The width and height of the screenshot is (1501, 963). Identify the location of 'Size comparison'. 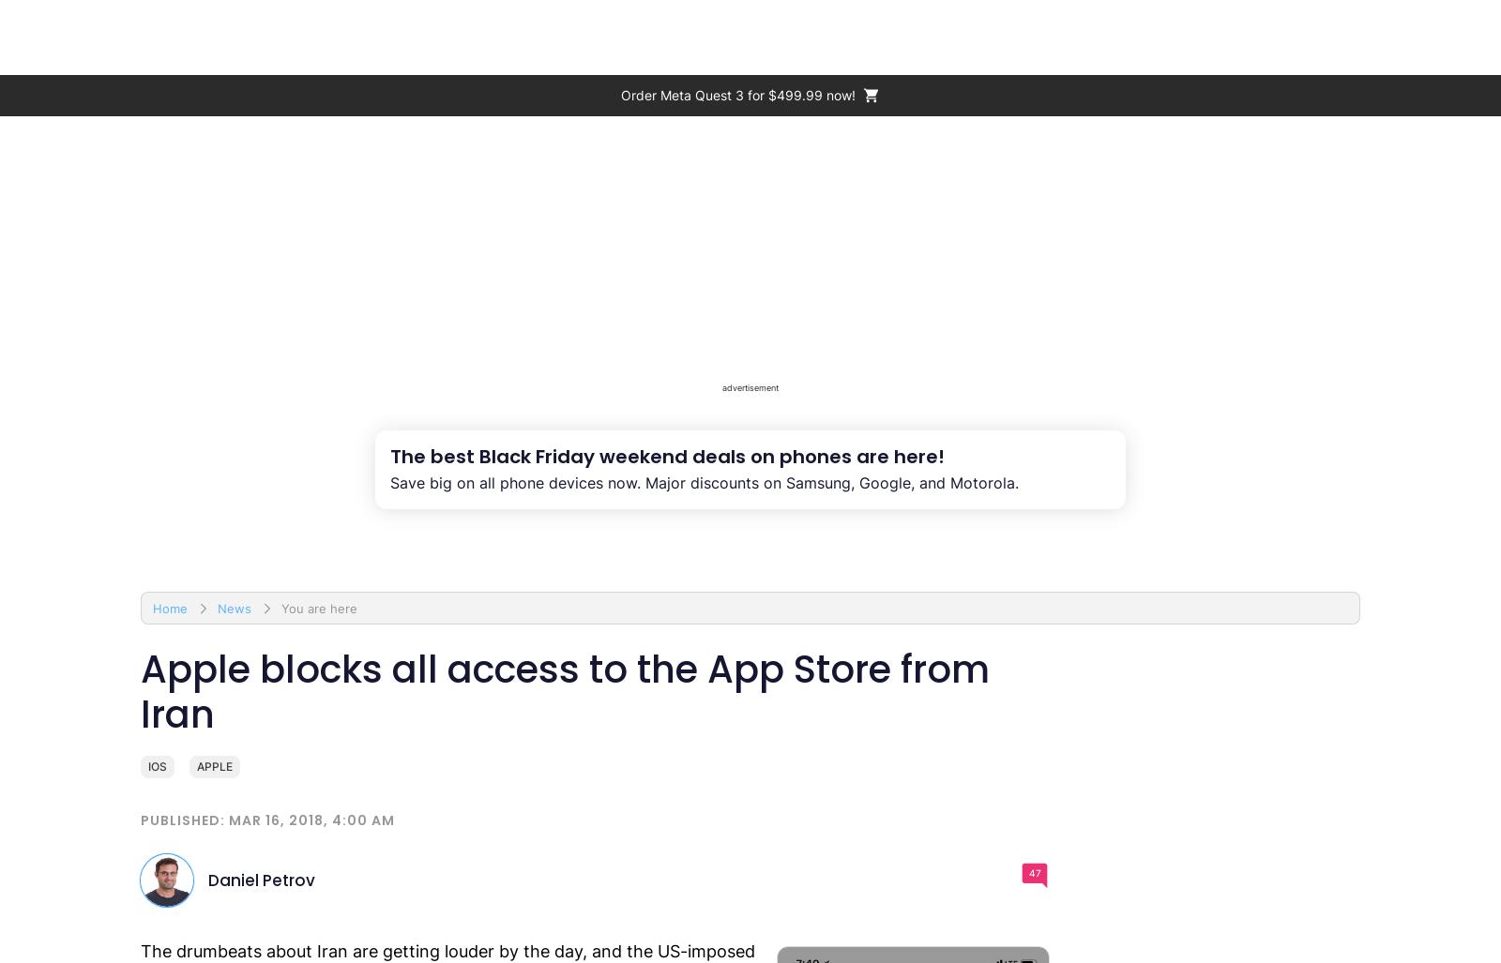
(760, 37).